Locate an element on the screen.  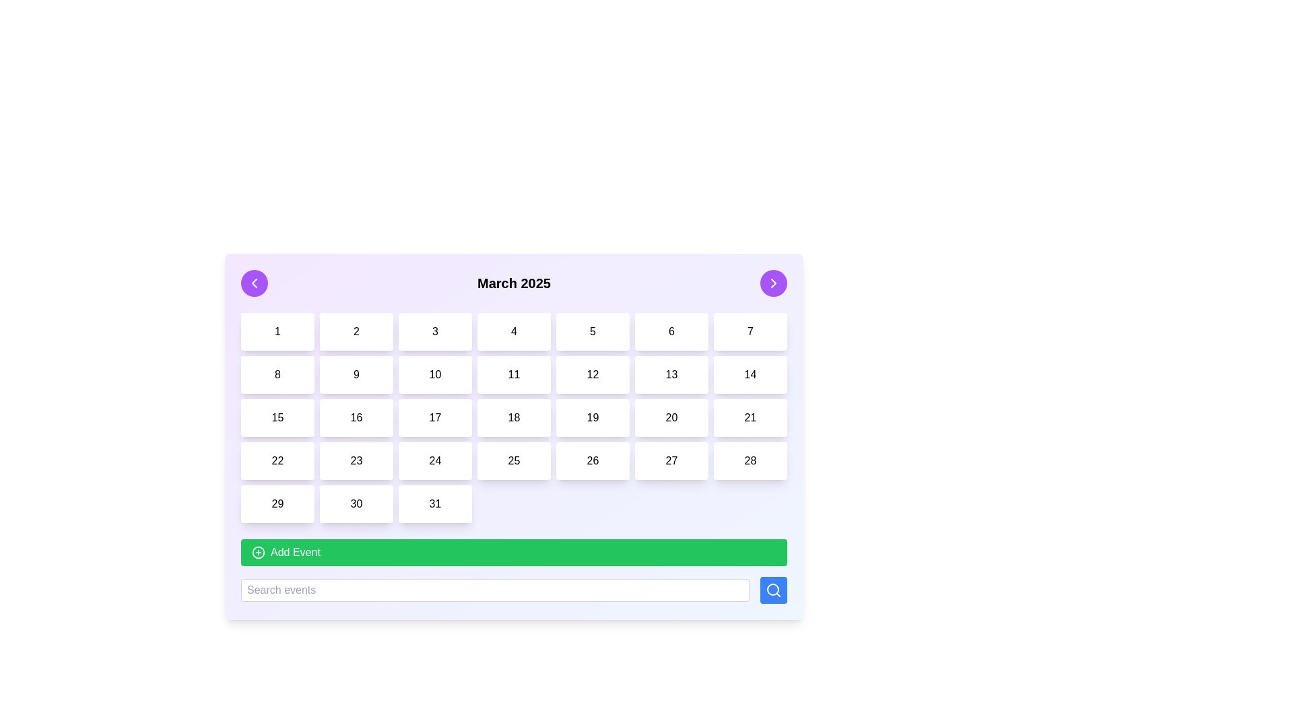
the Calendar day cell located is located at coordinates (356, 417).